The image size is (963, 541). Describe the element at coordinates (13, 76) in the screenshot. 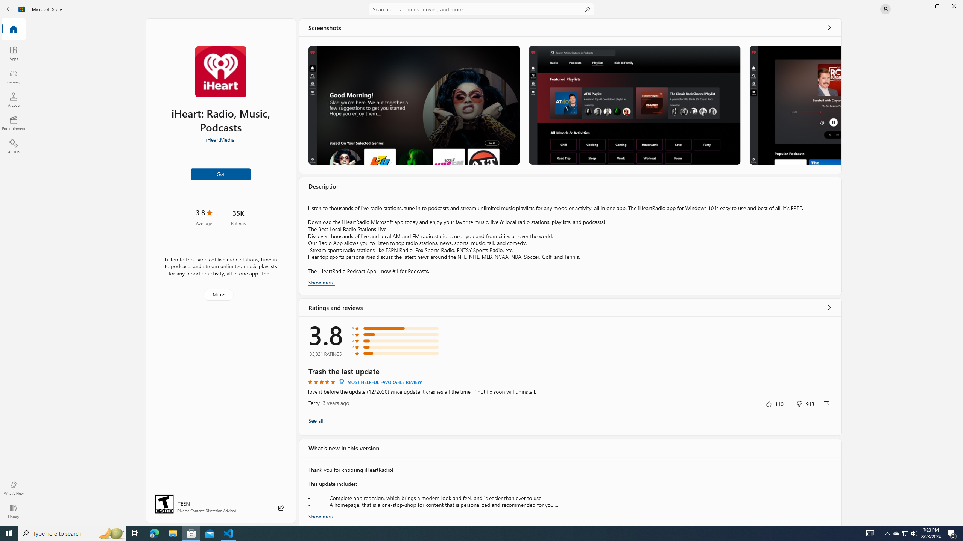

I see `'Gaming'` at that location.